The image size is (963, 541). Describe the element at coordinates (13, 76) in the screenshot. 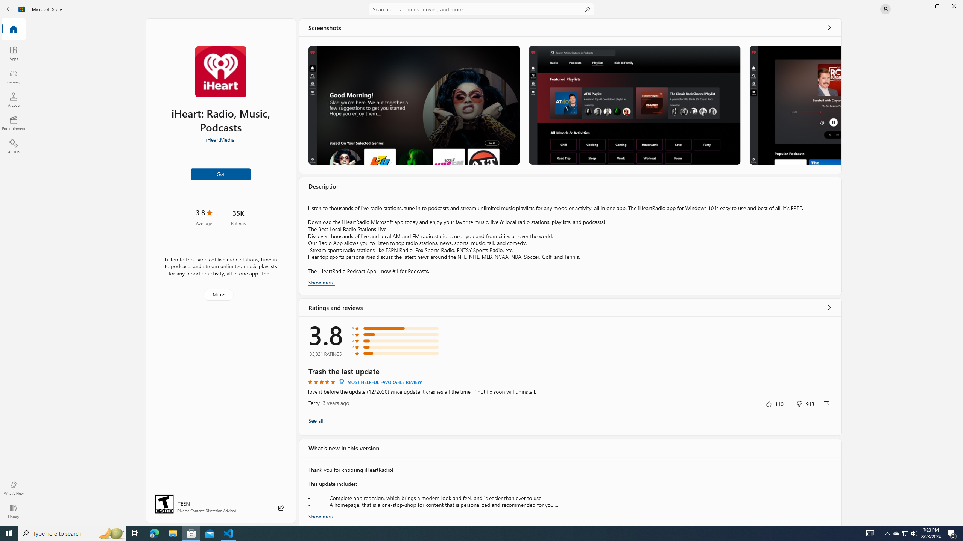

I see `'Gaming'` at that location.